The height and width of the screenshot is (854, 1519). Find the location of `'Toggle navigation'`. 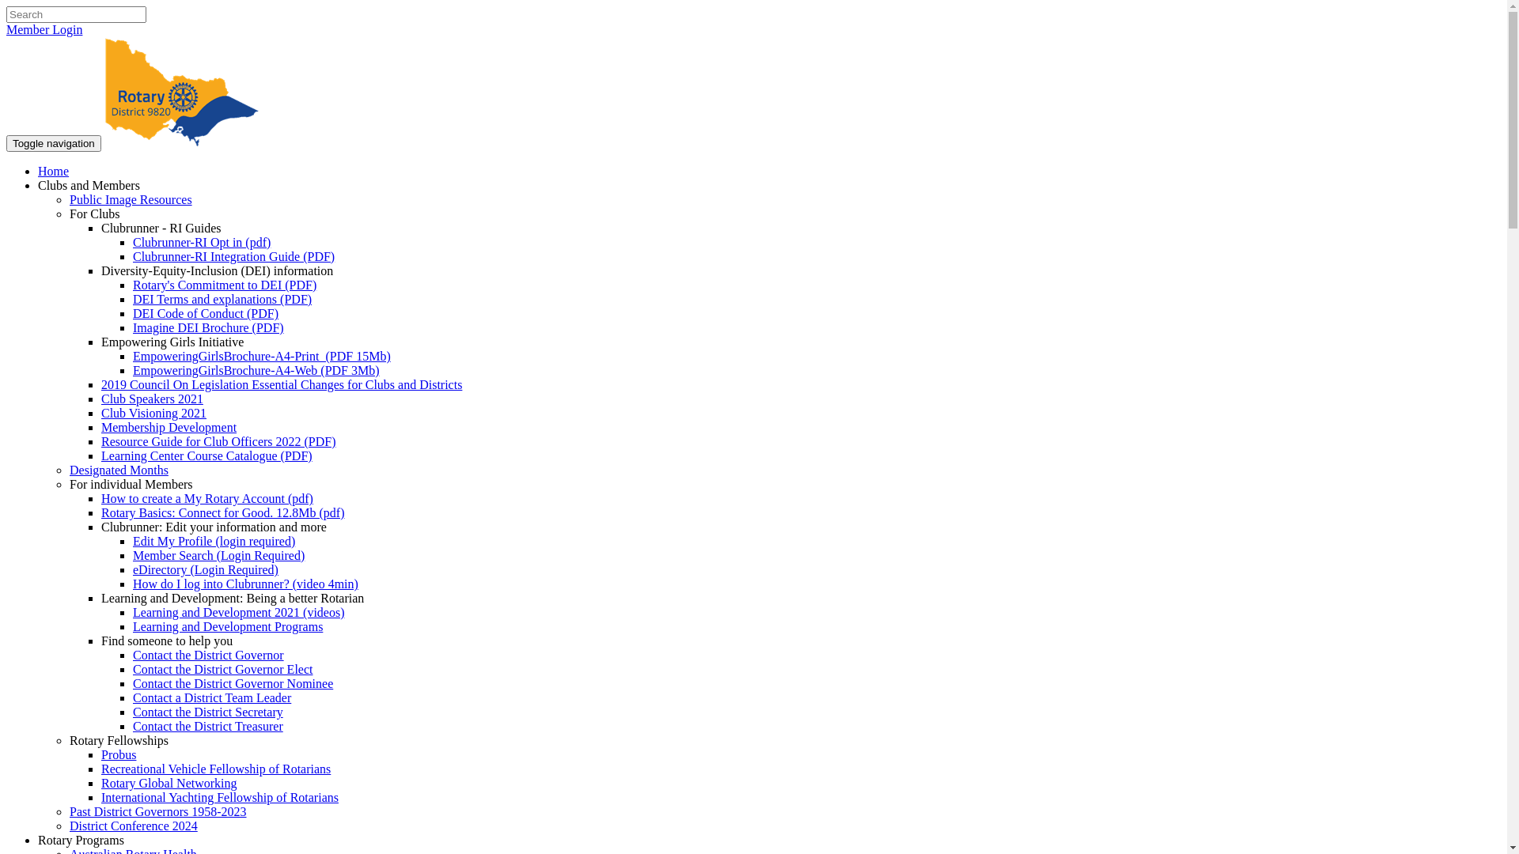

'Toggle navigation' is located at coordinates (53, 143).